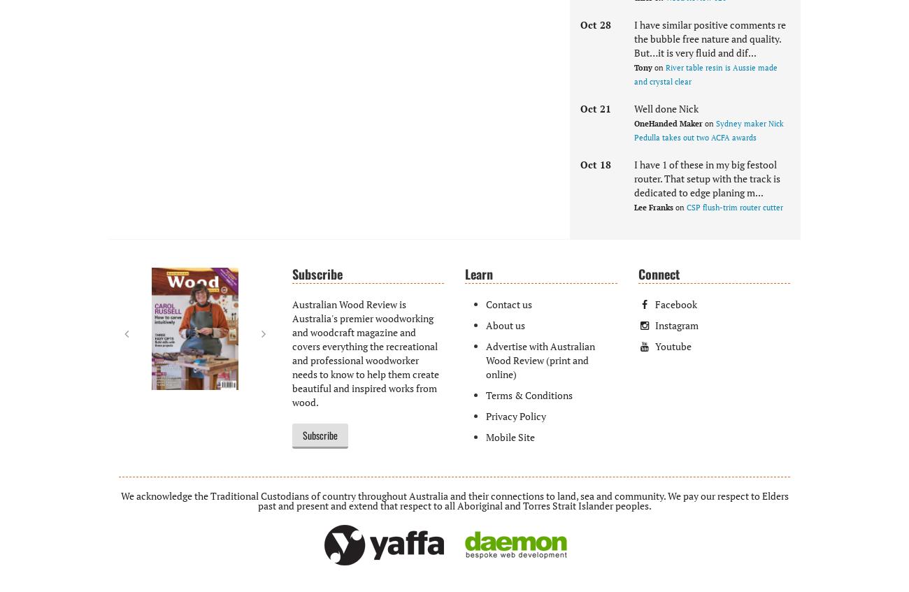 The width and height of the screenshot is (909, 592). Describe the element at coordinates (673, 345) in the screenshot. I see `'Youtube'` at that location.